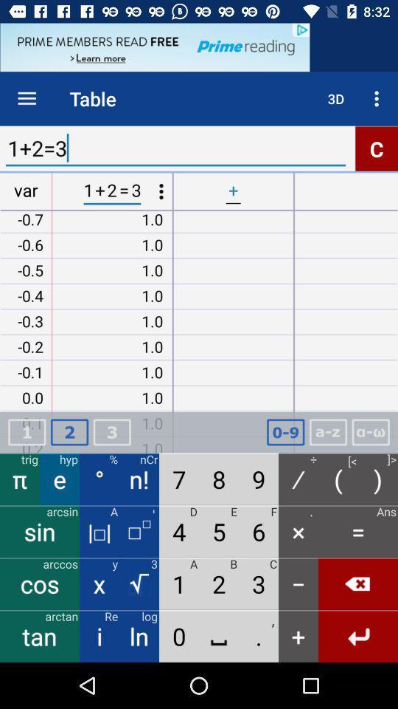  Describe the element at coordinates (285, 432) in the screenshot. I see `number pad option` at that location.